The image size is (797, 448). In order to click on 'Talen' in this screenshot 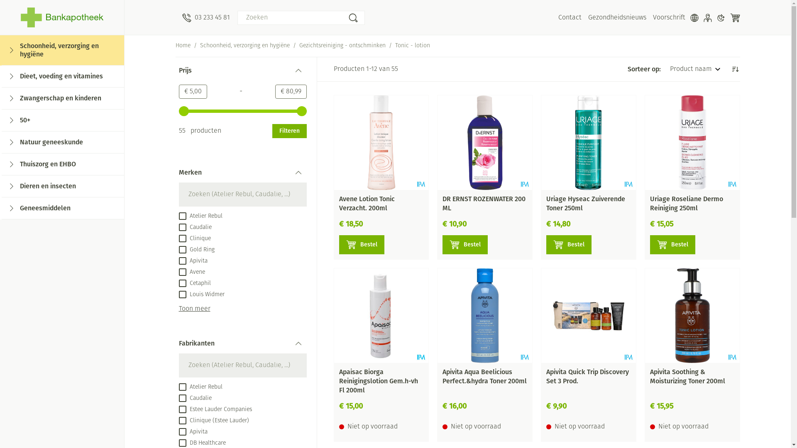, I will do `click(694, 17)`.